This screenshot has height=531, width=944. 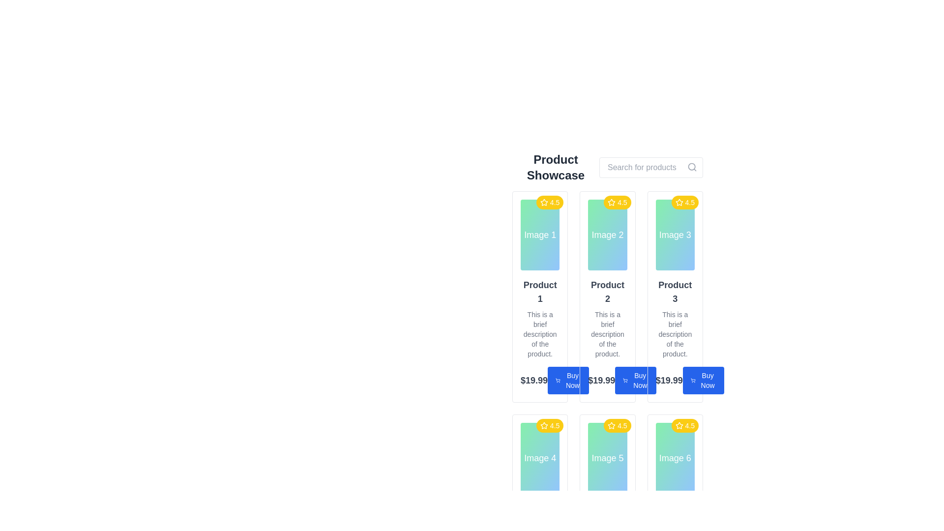 I want to click on the 'Buy Now' button with a blue background and white text located at the bottom-right corner of the third product card to initiate purchase, so click(x=703, y=380).